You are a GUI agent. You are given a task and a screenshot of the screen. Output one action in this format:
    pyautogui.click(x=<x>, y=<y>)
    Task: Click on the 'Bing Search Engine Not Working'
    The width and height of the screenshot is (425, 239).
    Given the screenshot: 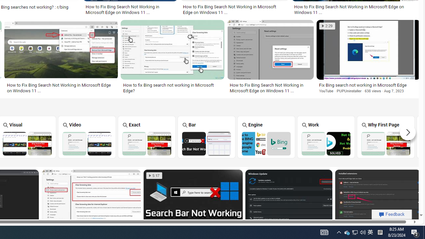 What is the action you would take?
    pyautogui.click(x=266, y=143)
    